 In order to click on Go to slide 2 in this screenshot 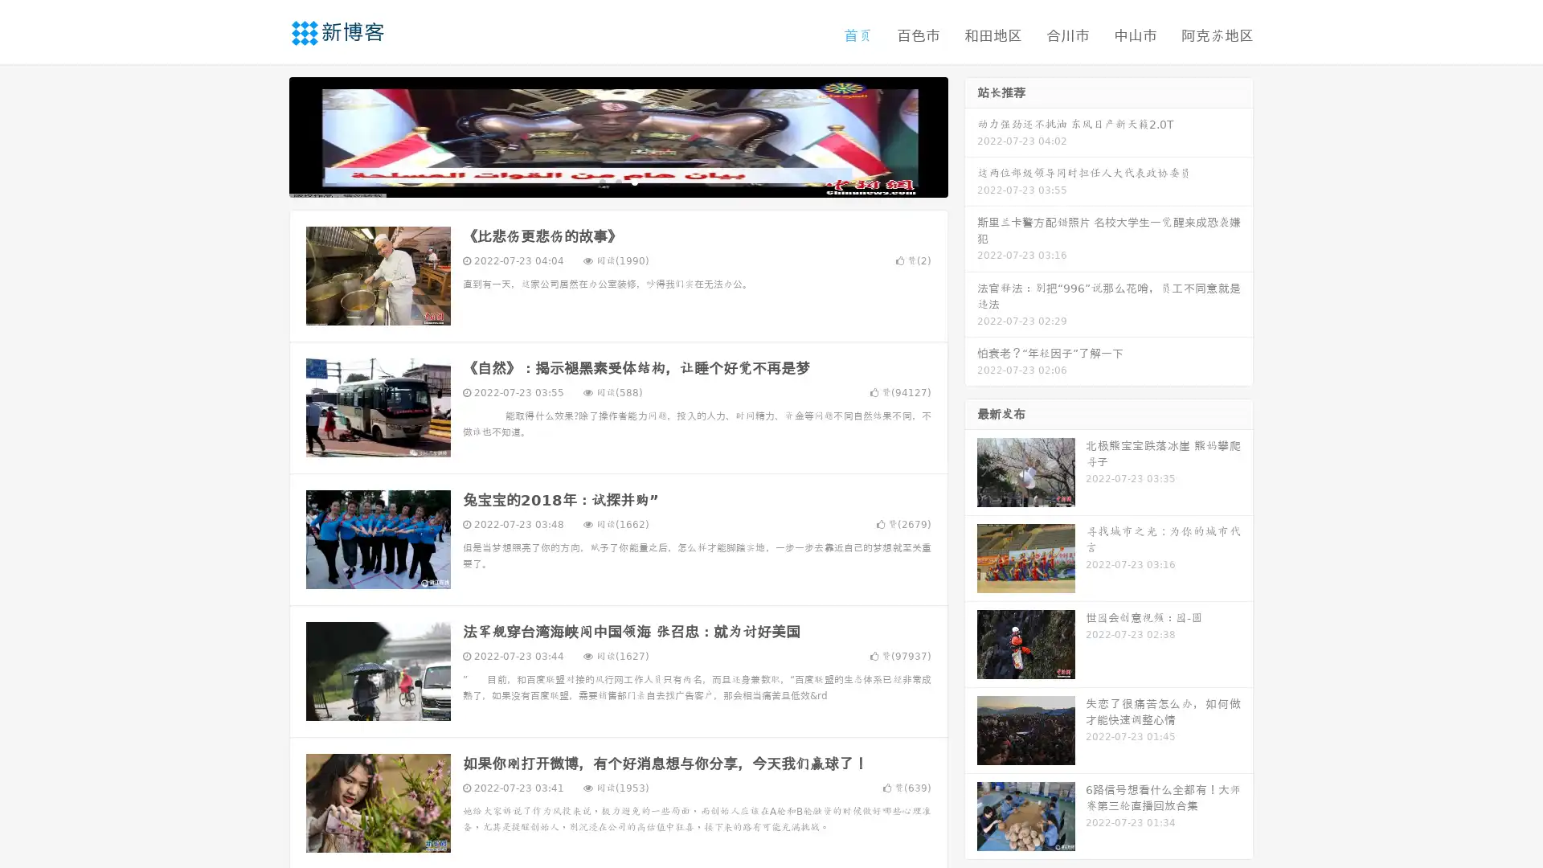, I will do `click(617, 181)`.